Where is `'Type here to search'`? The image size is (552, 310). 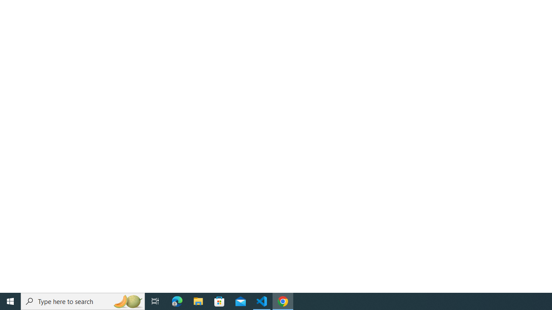
'Type here to search' is located at coordinates (83, 301).